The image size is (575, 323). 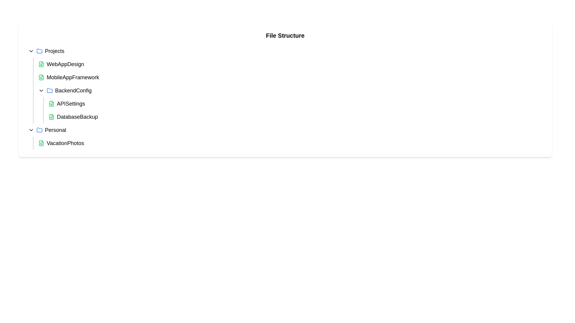 What do you see at coordinates (31, 51) in the screenshot?
I see `the downward-facing chevron icon next to the text 'Projects'` at bounding box center [31, 51].